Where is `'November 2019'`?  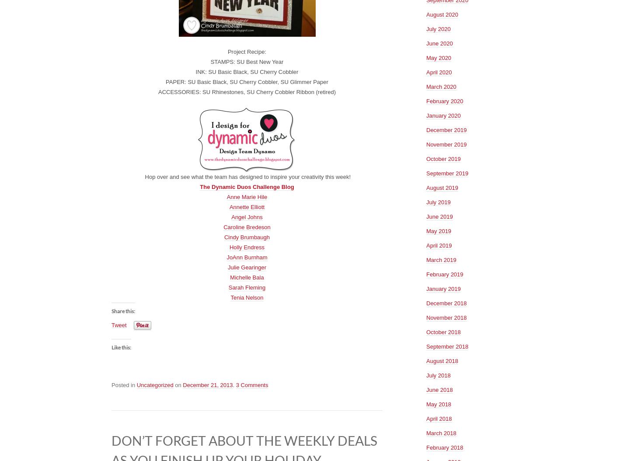
'November 2019' is located at coordinates (446, 144).